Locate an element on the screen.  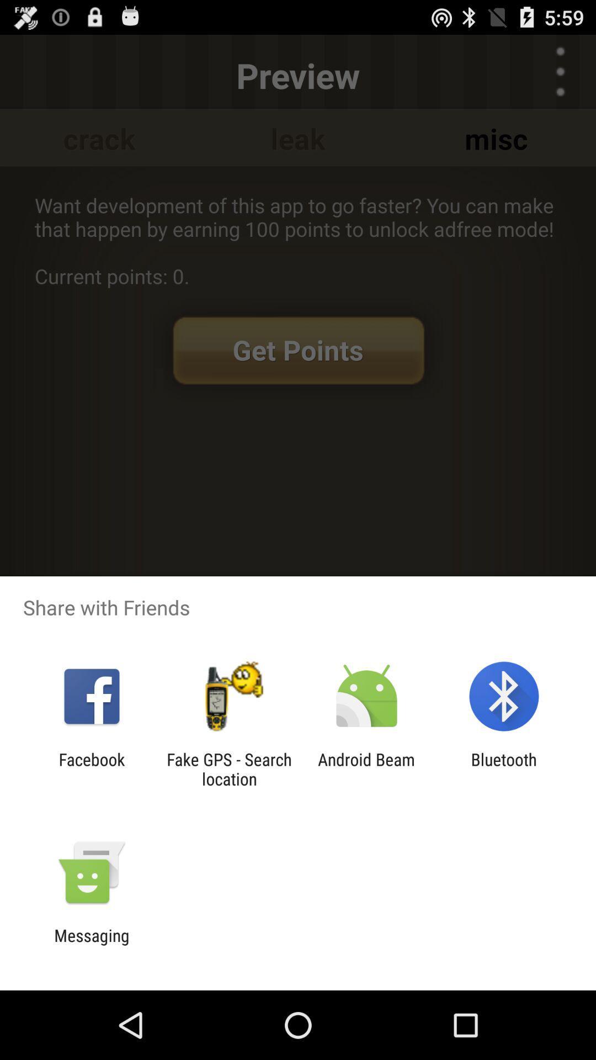
the messaging item is located at coordinates (91, 945).